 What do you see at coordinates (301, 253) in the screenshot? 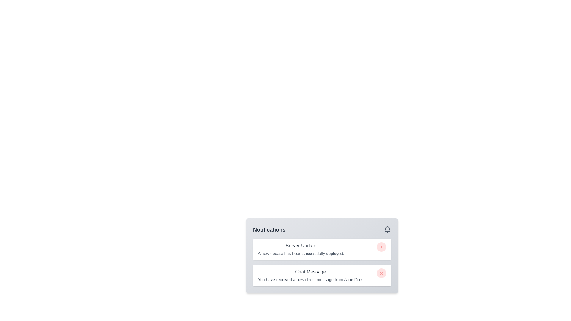
I see `the text element displaying the message 'A new update has been successfully deployed.', which is located directly below 'Server Update' in the popup notification area` at bounding box center [301, 253].